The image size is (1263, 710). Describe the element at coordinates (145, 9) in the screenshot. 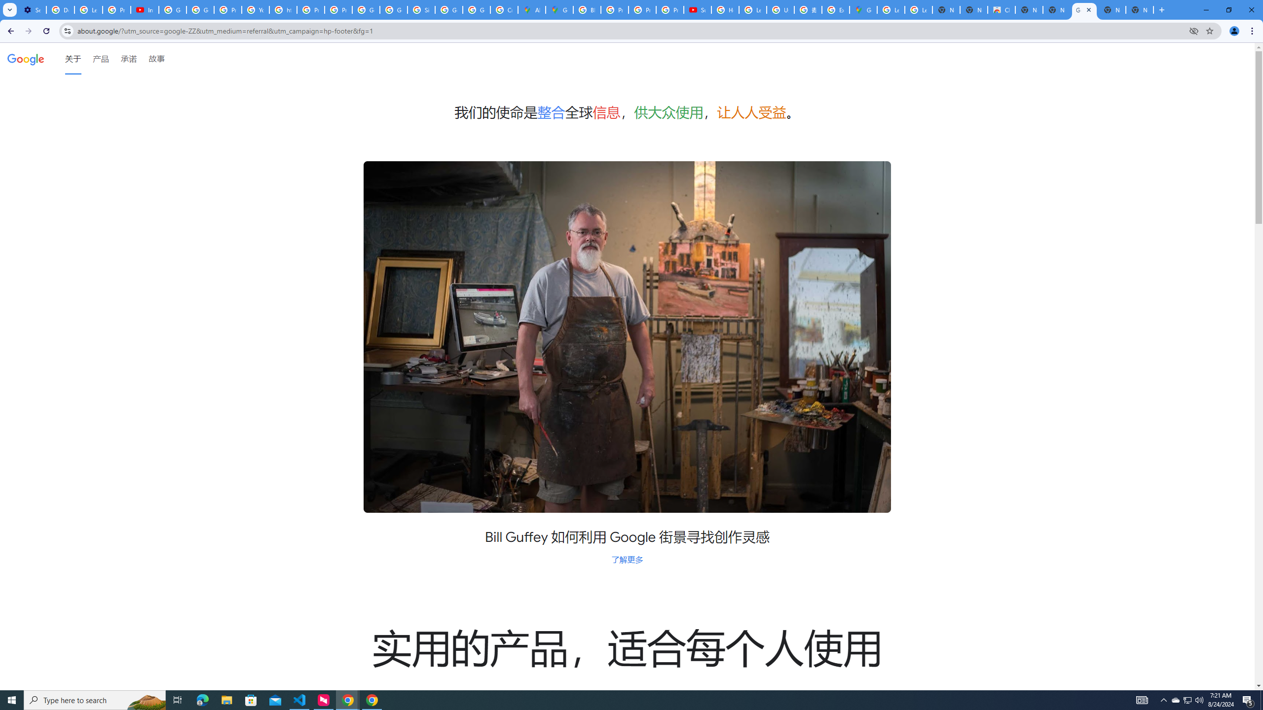

I see `'Introduction | Google Privacy Policy - YouTube'` at that location.